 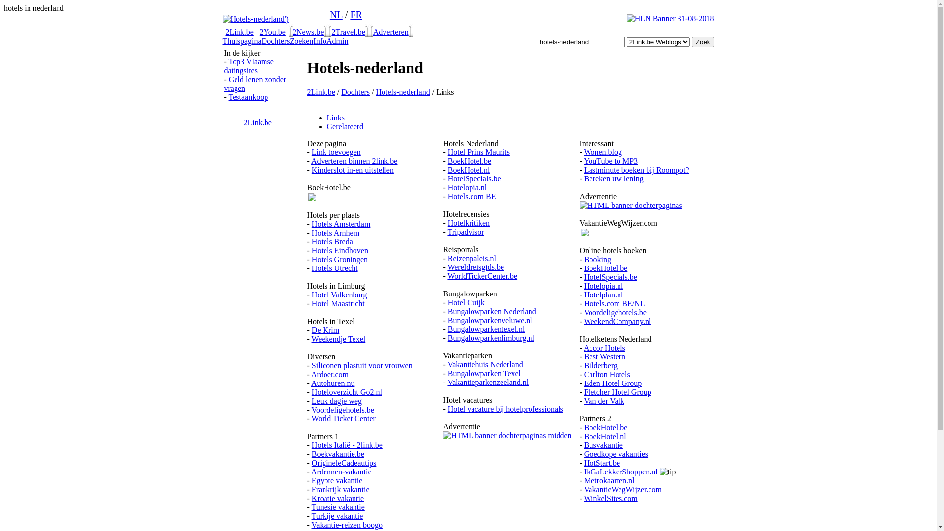 What do you see at coordinates (600, 365) in the screenshot?
I see `'Bilderberg'` at bounding box center [600, 365].